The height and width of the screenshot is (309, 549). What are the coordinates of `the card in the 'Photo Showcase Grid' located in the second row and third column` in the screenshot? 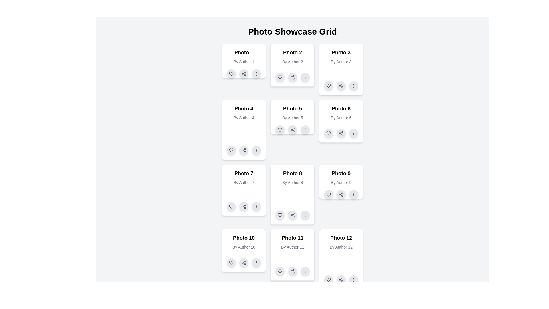 It's located at (341, 121).